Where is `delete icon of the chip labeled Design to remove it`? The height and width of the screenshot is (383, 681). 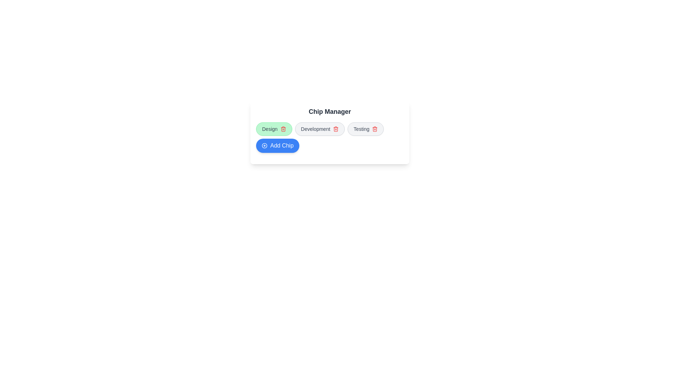
delete icon of the chip labeled Design to remove it is located at coordinates (283, 129).